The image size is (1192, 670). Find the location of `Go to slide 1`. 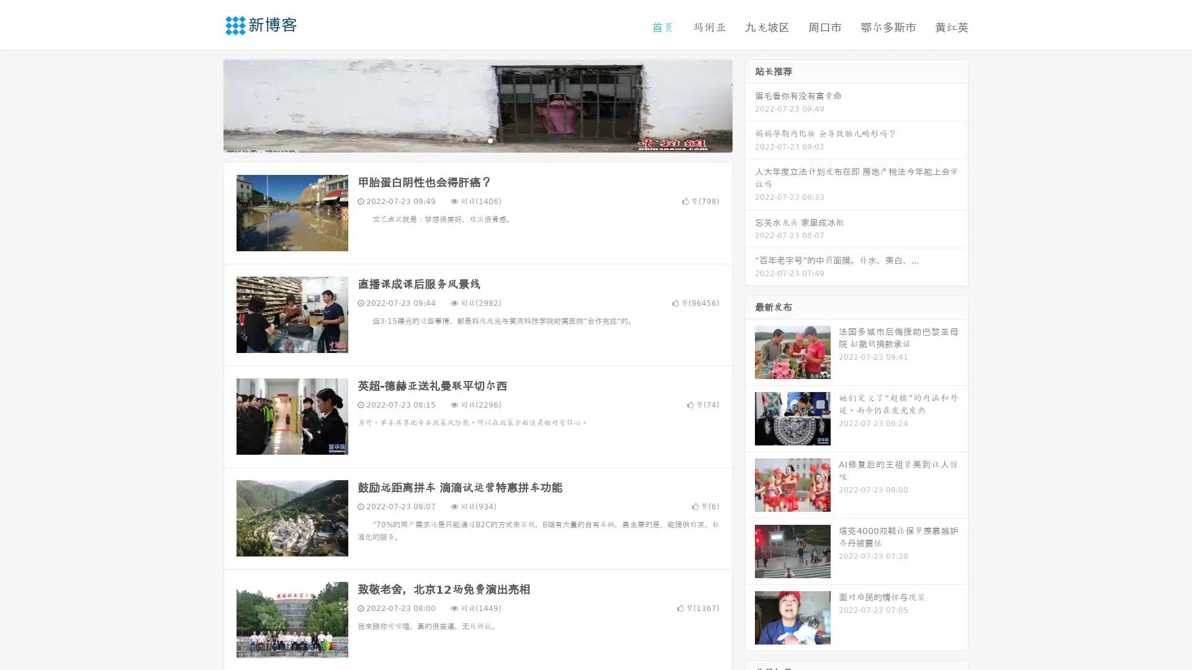

Go to slide 1 is located at coordinates (464, 140).